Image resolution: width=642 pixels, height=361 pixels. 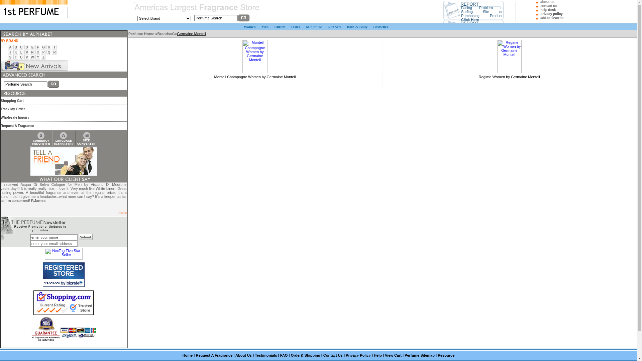 I want to click on 'J', so click(x=9, y=51).